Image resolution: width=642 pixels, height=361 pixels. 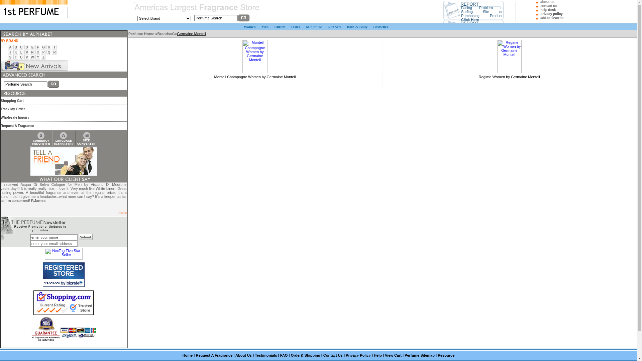 I want to click on 'J', so click(x=9, y=51).